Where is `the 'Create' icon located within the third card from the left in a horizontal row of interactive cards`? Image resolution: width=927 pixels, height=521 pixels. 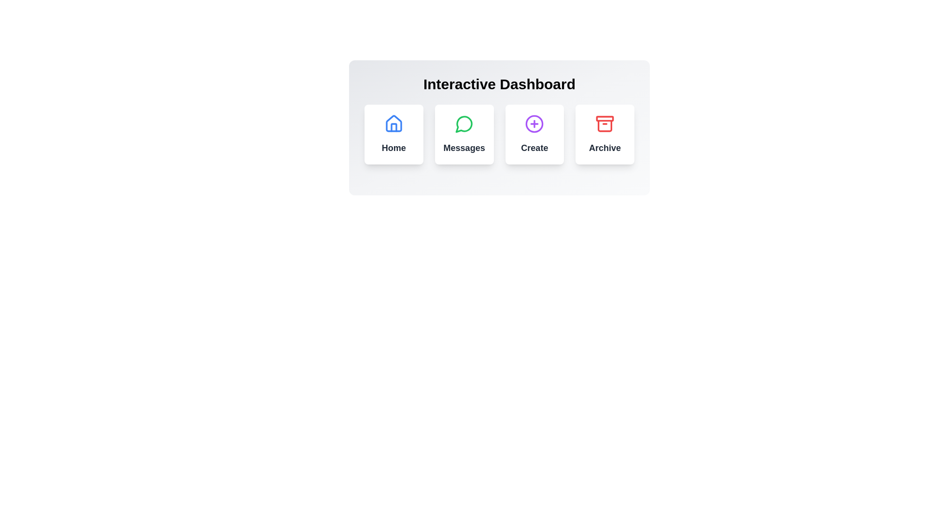
the 'Create' icon located within the third card from the left in a horizontal row of interactive cards is located at coordinates (534, 123).